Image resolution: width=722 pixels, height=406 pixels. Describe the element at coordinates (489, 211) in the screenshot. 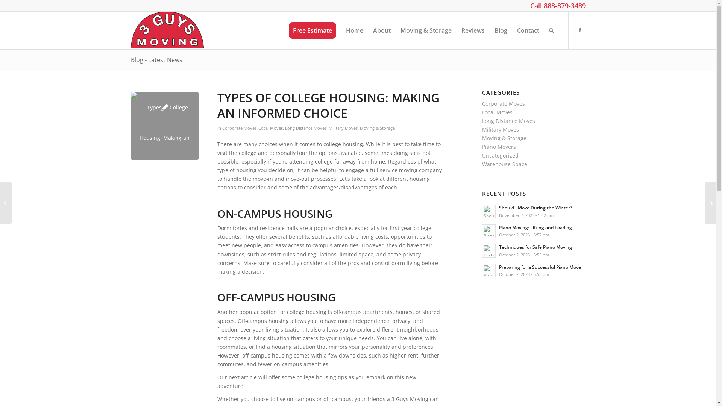

I see `'Read: Should I Move During the Winter?'` at that location.